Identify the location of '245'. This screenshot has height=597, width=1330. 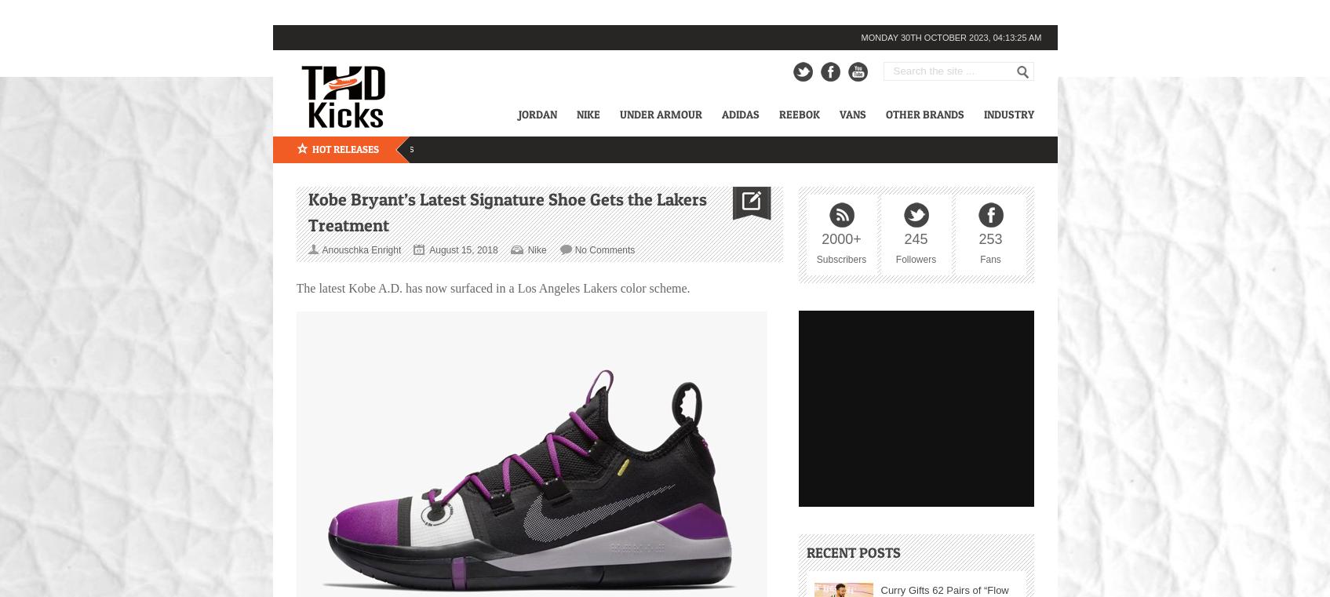
(915, 238).